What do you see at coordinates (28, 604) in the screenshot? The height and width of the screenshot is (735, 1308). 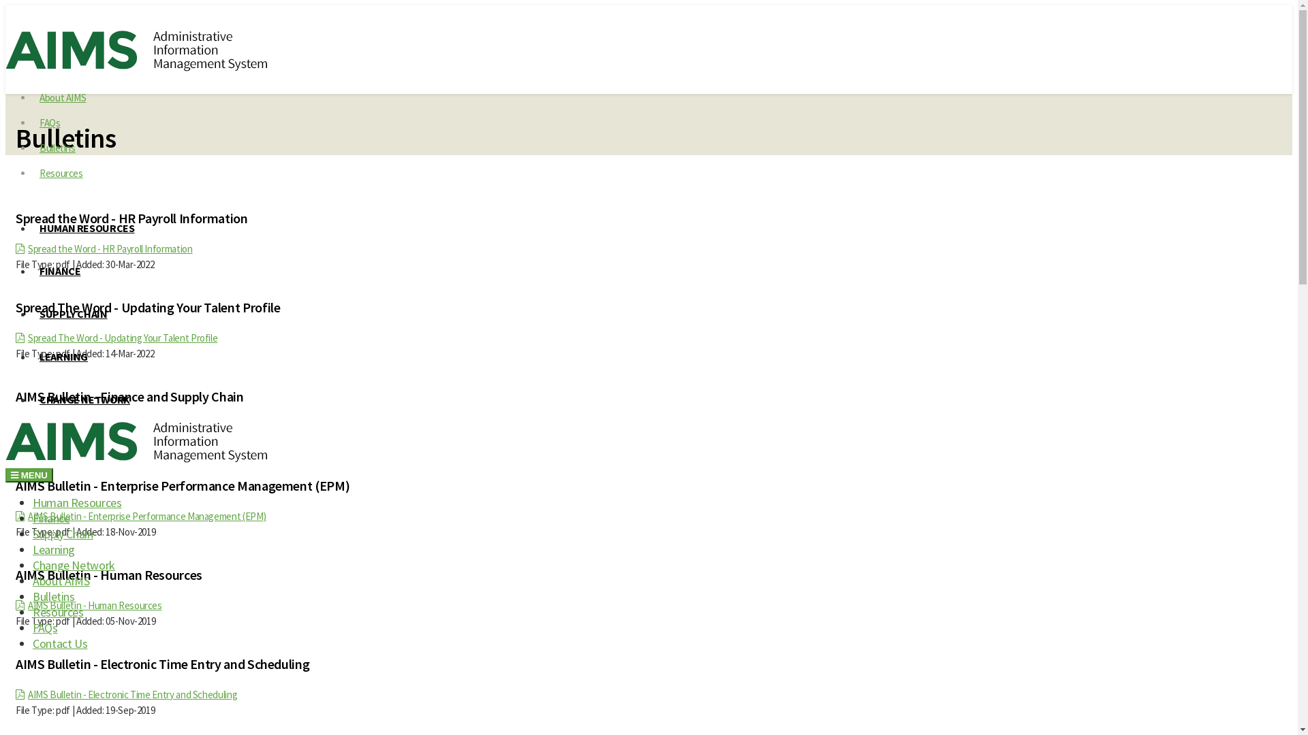 I see `'AIMS Bulletin - Human Resources'` at bounding box center [28, 604].